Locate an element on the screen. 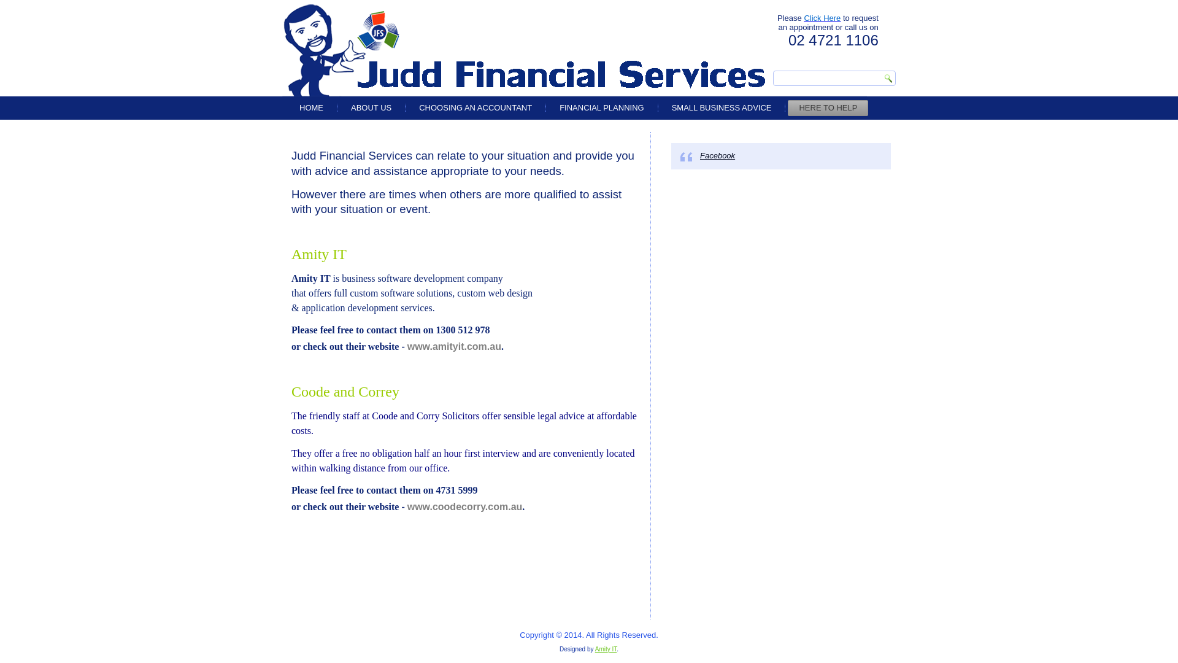  'HOME' is located at coordinates (311, 107).